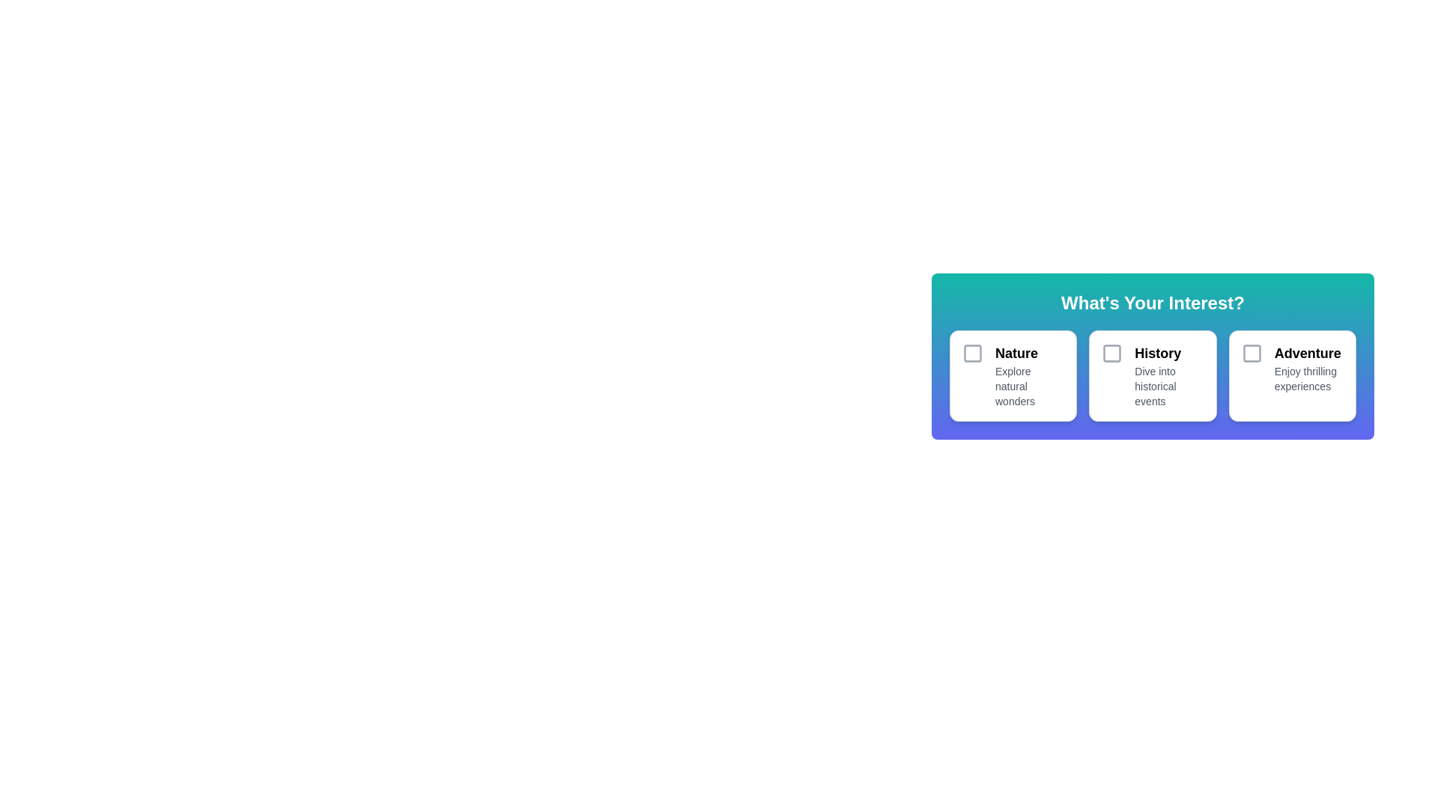 The height and width of the screenshot is (809, 1438). What do you see at coordinates (1112, 353) in the screenshot?
I see `the checkbox located within the 'History' option` at bounding box center [1112, 353].